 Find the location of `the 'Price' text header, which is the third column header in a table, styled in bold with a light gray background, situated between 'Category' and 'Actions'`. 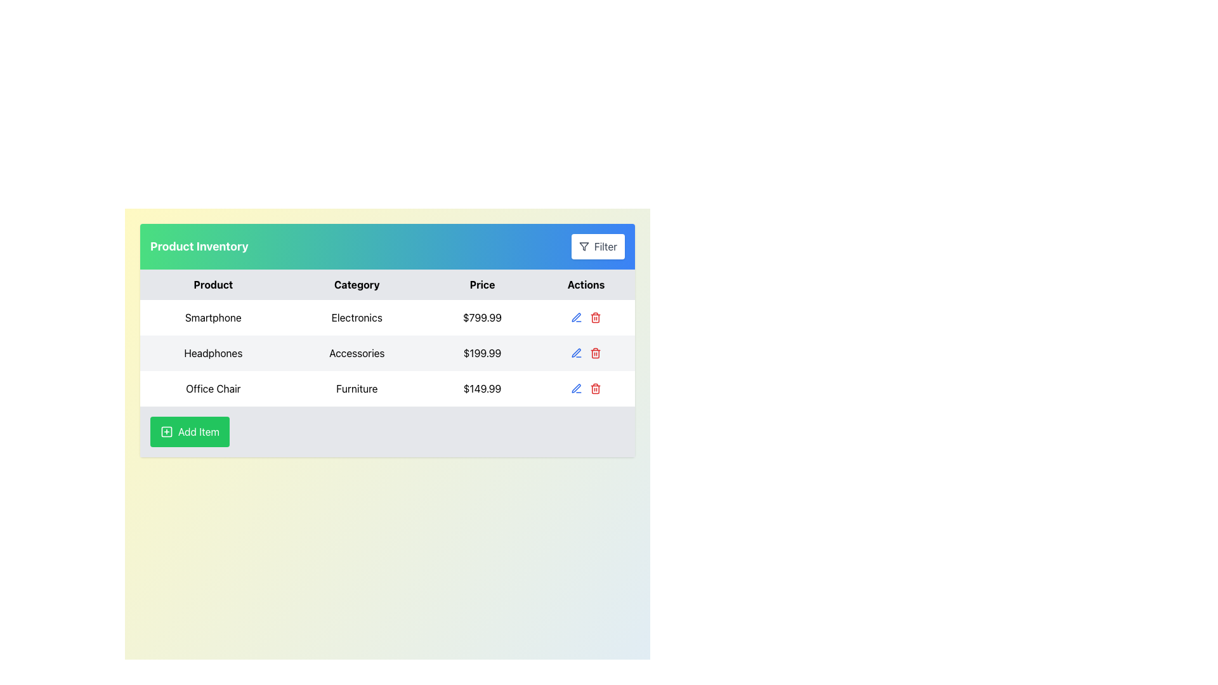

the 'Price' text header, which is the third column header in a table, styled in bold with a light gray background, situated between 'Category' and 'Actions' is located at coordinates (481, 284).